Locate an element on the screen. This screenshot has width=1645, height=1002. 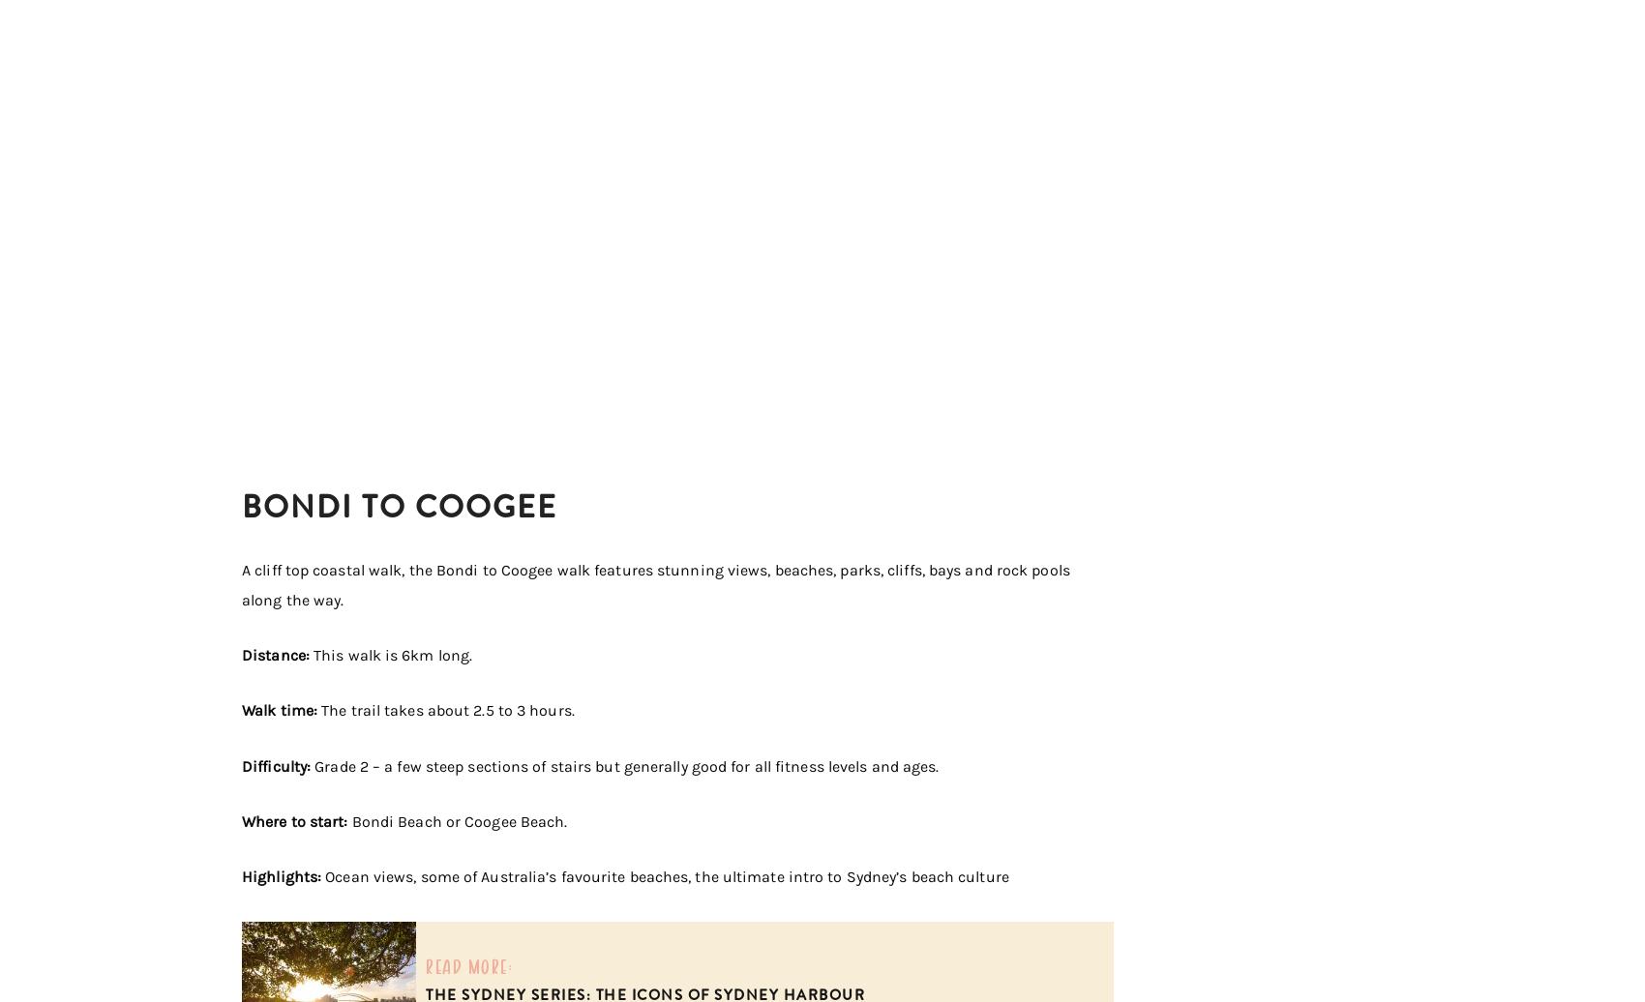
'READ MORE:' is located at coordinates (469, 964).